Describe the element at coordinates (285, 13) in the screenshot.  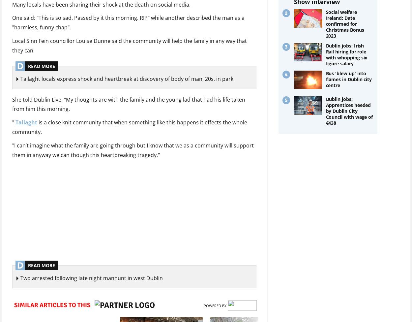
I see `'2'` at that location.